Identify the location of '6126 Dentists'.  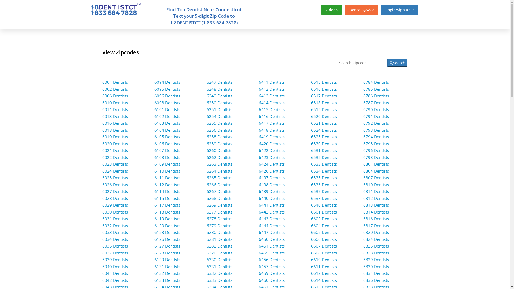
(167, 239).